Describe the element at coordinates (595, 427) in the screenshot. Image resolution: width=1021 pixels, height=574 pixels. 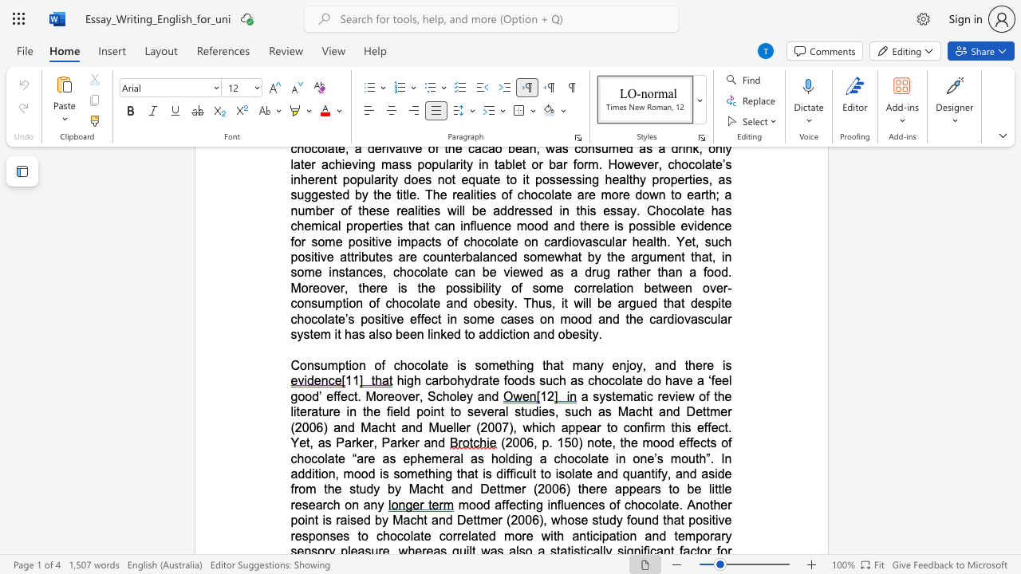
I see `the space between the continuous character "a" and "r" in the text` at that location.